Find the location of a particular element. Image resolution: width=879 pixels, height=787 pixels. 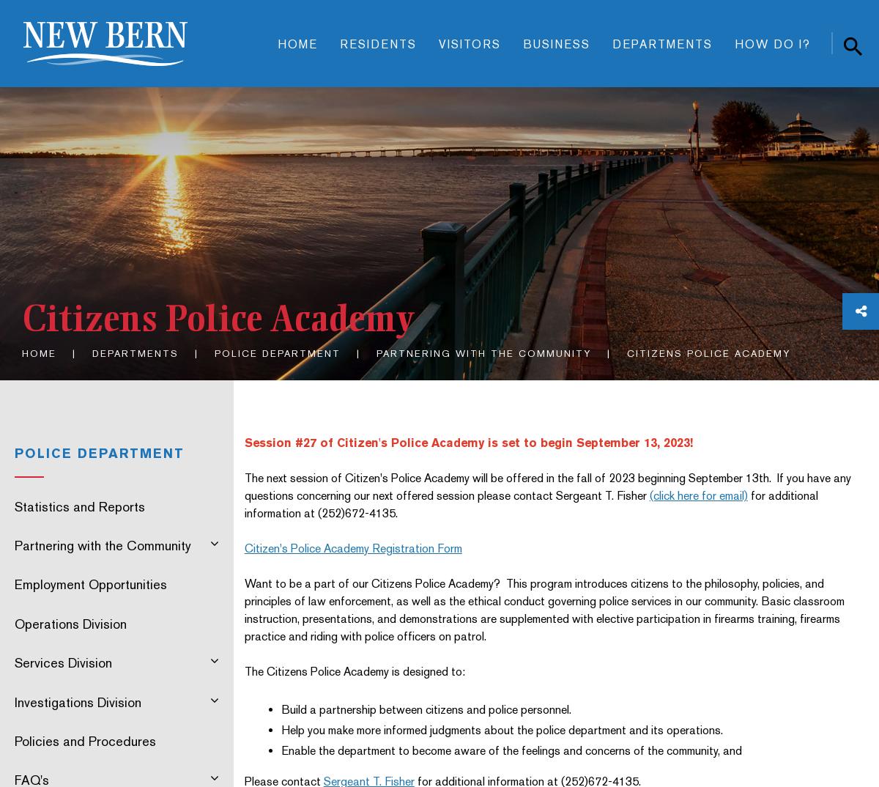

'Policies and Procedures' is located at coordinates (85, 739).